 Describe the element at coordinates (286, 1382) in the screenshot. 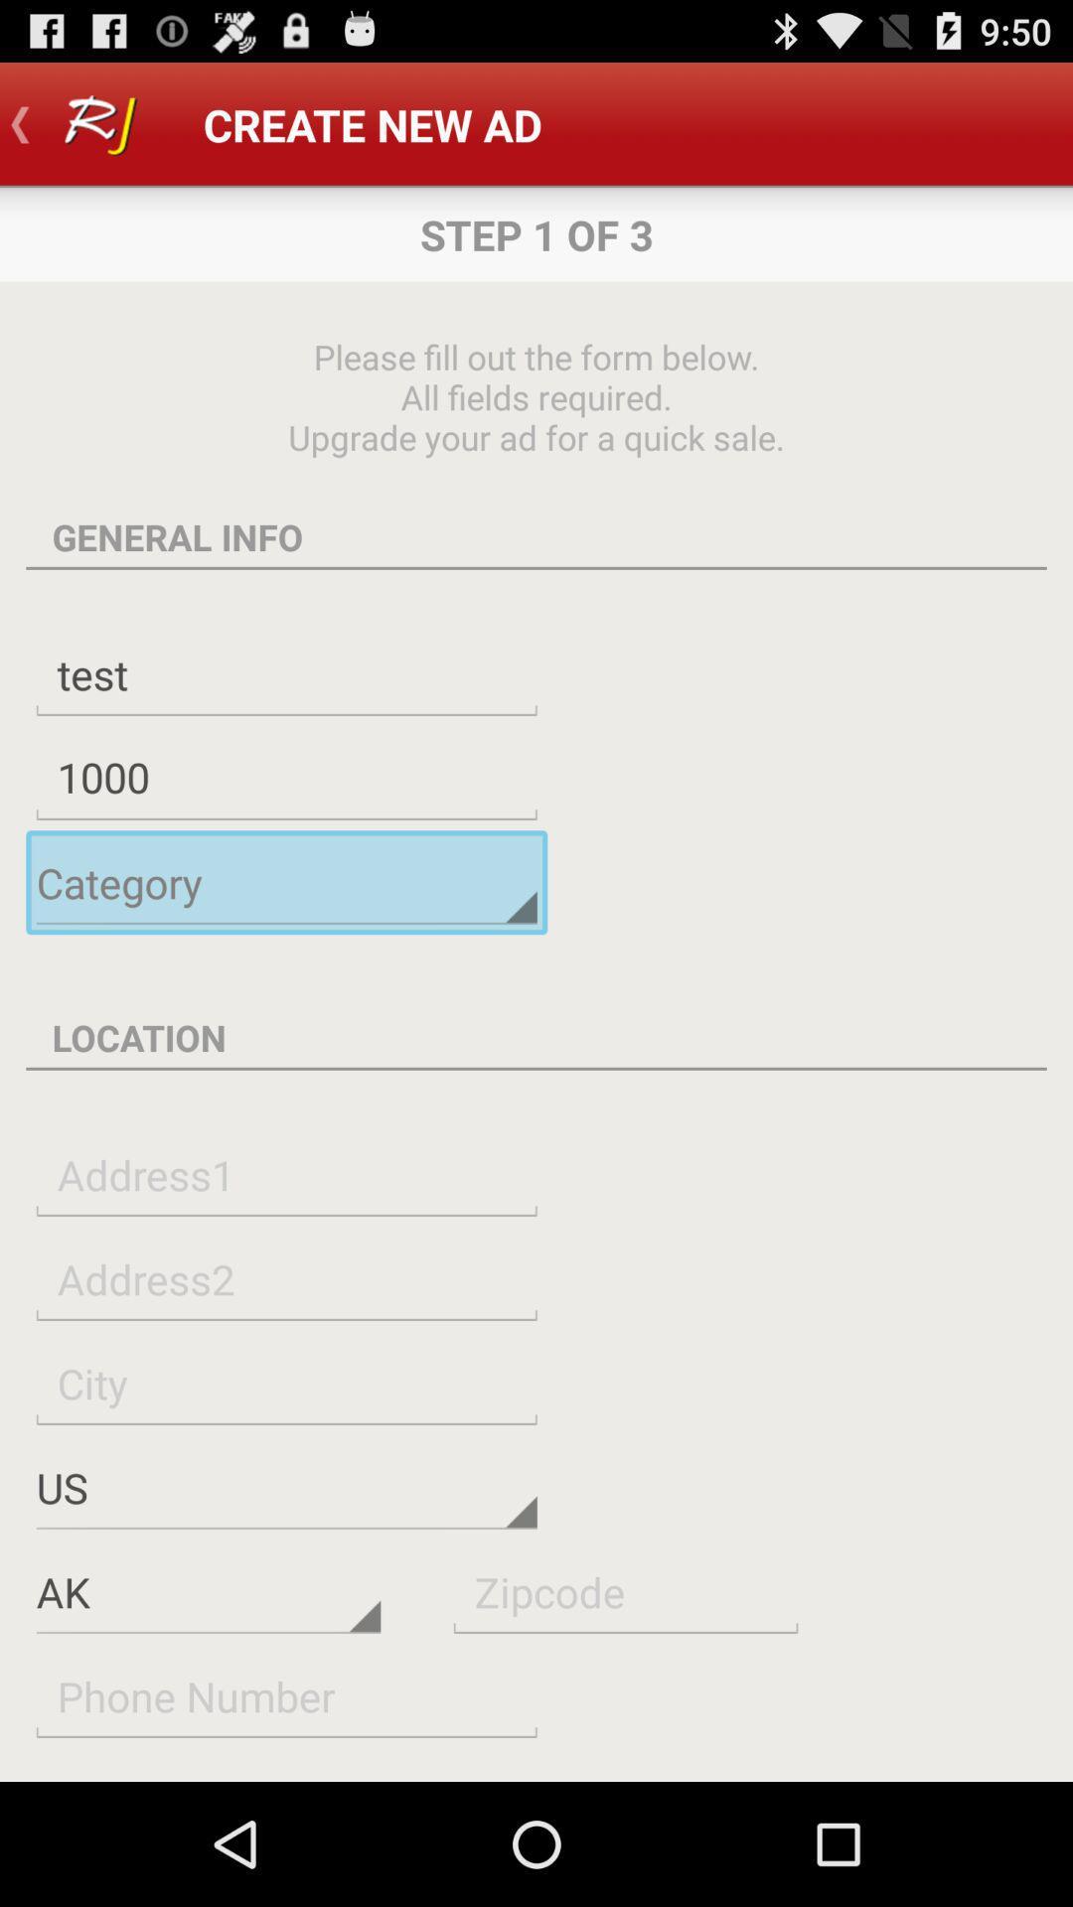

I see `insert city` at that location.